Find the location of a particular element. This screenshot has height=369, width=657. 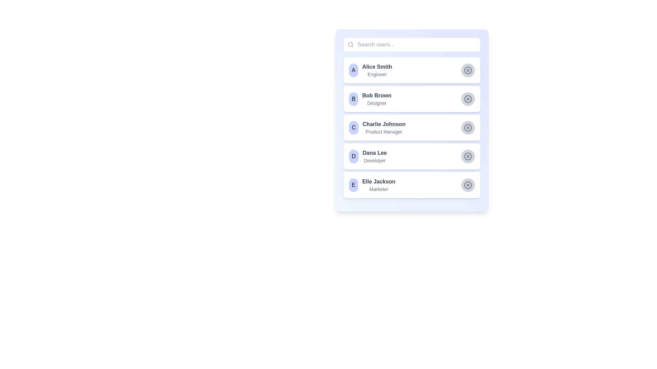

the label displaying 'Alice Smith' in bold dark gray font is located at coordinates (377, 67).